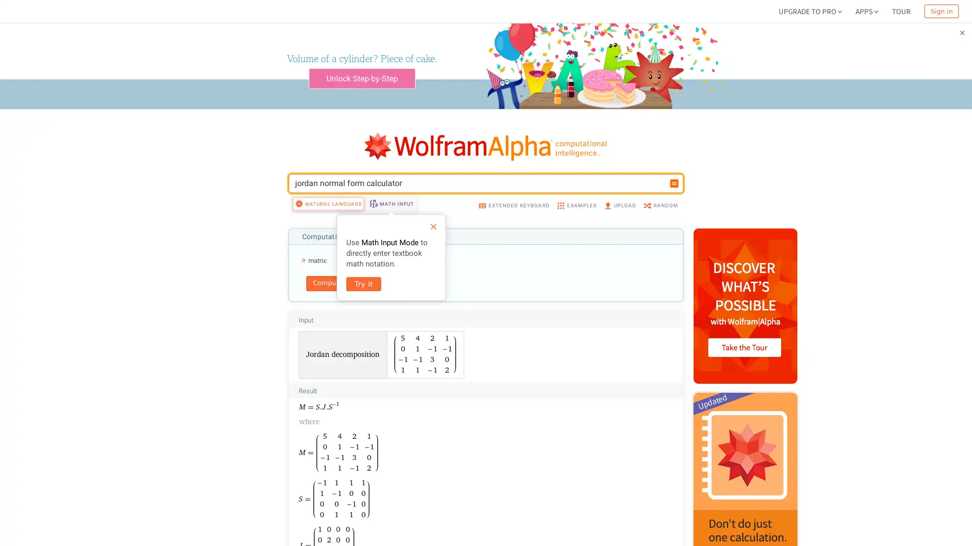 This screenshot has width=972, height=546. I want to click on Try it, so click(363, 284).